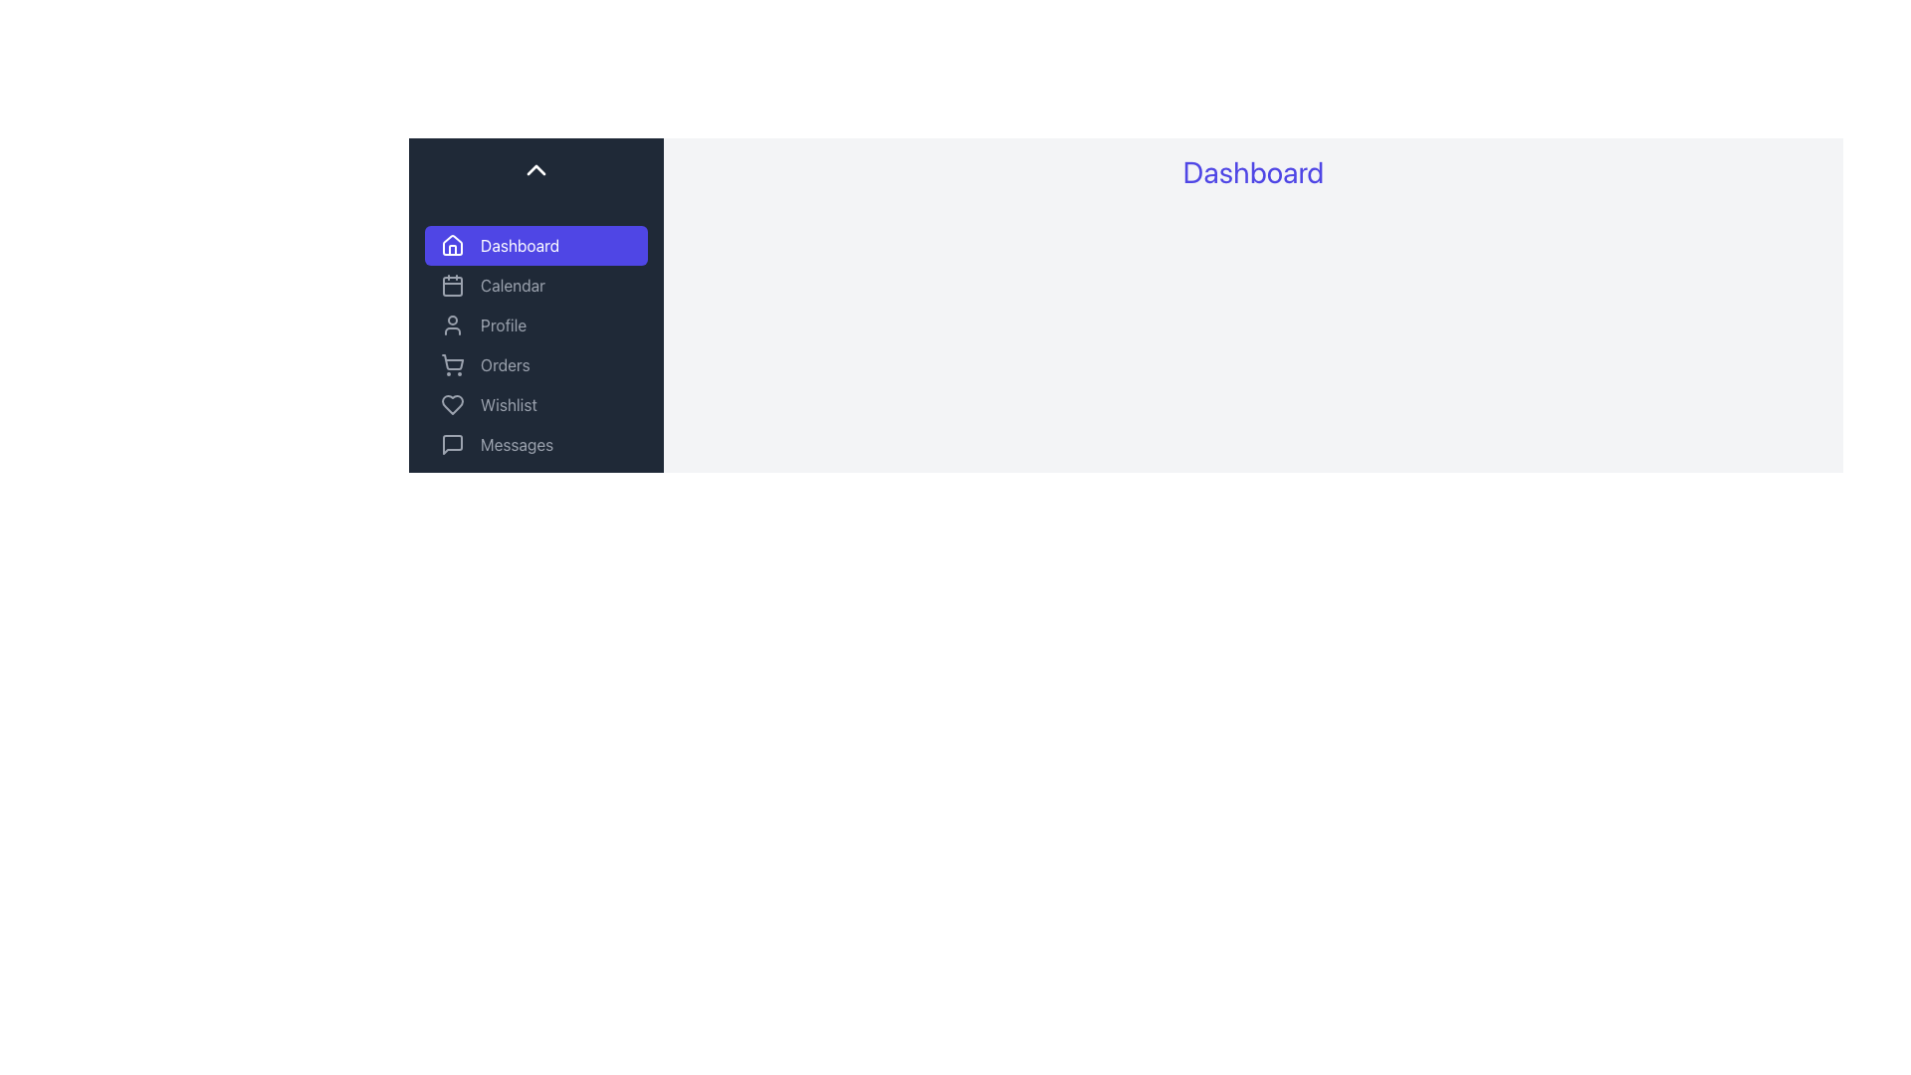  Describe the element at coordinates (452, 285) in the screenshot. I see `the 'Calendar' icon located in the sidebar menu, which serves as the visual aid for selecting the 'Calendar' menu option` at that location.